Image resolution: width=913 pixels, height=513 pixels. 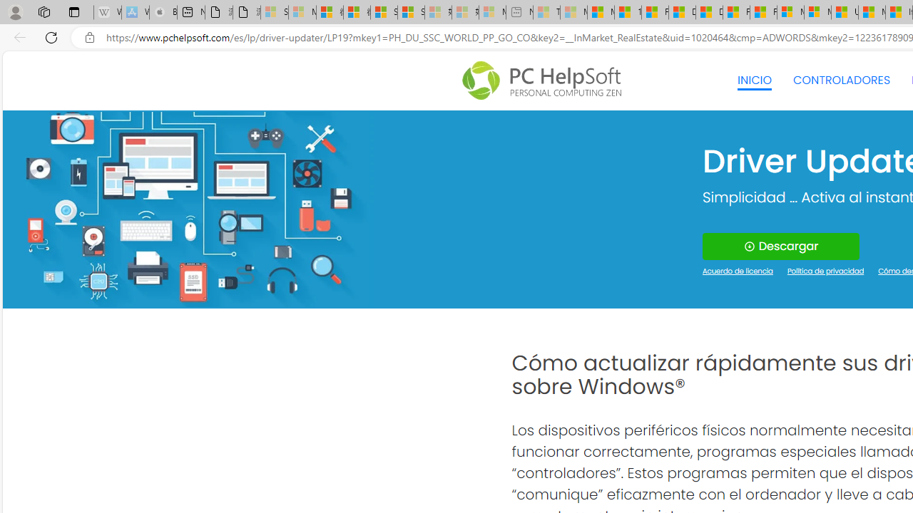 I want to click on 'US Heat Deaths Soared To Record High Last Year', so click(x=845, y=12).